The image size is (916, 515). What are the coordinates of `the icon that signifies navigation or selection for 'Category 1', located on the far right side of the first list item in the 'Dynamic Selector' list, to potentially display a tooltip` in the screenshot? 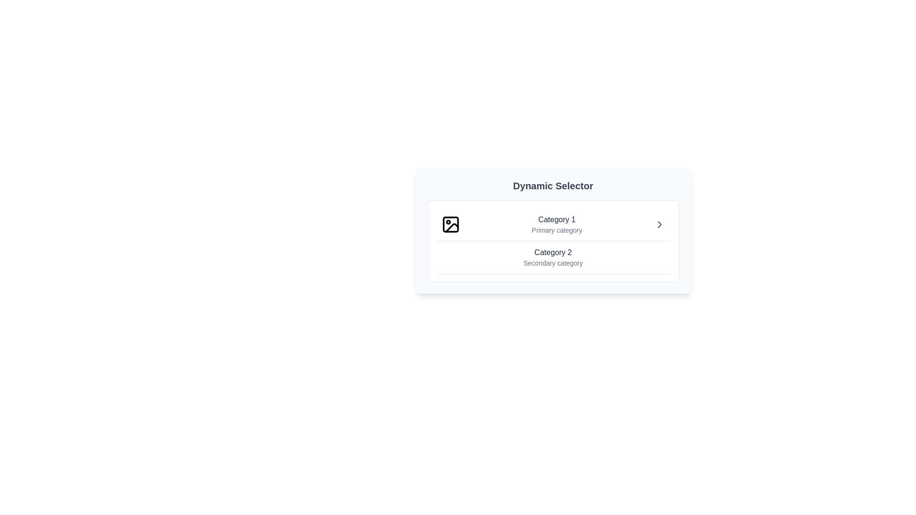 It's located at (659, 224).